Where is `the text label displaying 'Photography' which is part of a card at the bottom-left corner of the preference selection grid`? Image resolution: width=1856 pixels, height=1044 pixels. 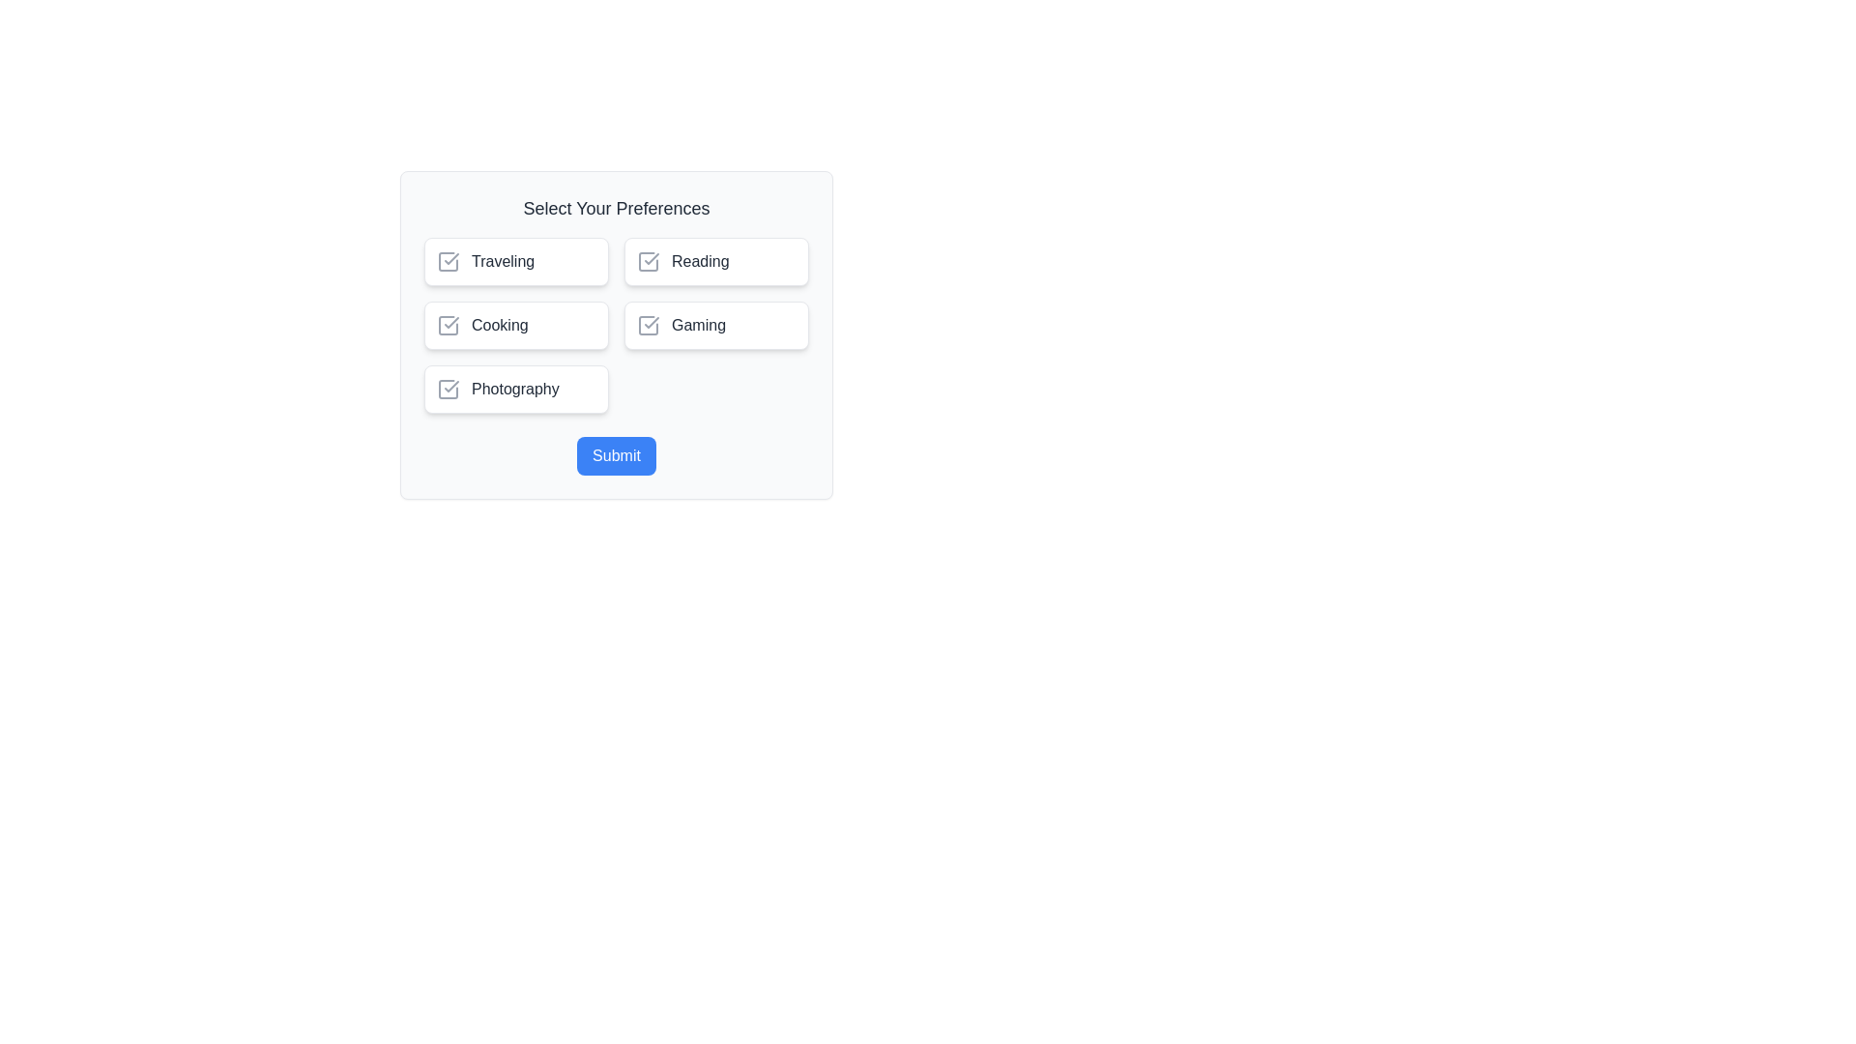 the text label displaying 'Photography' which is part of a card at the bottom-left corner of the preference selection grid is located at coordinates (515, 389).